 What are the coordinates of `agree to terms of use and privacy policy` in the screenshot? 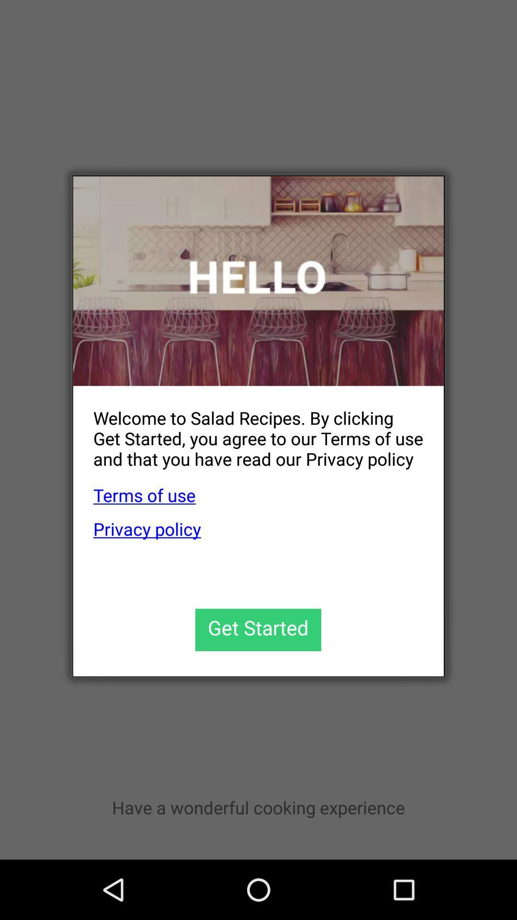 It's located at (258, 630).